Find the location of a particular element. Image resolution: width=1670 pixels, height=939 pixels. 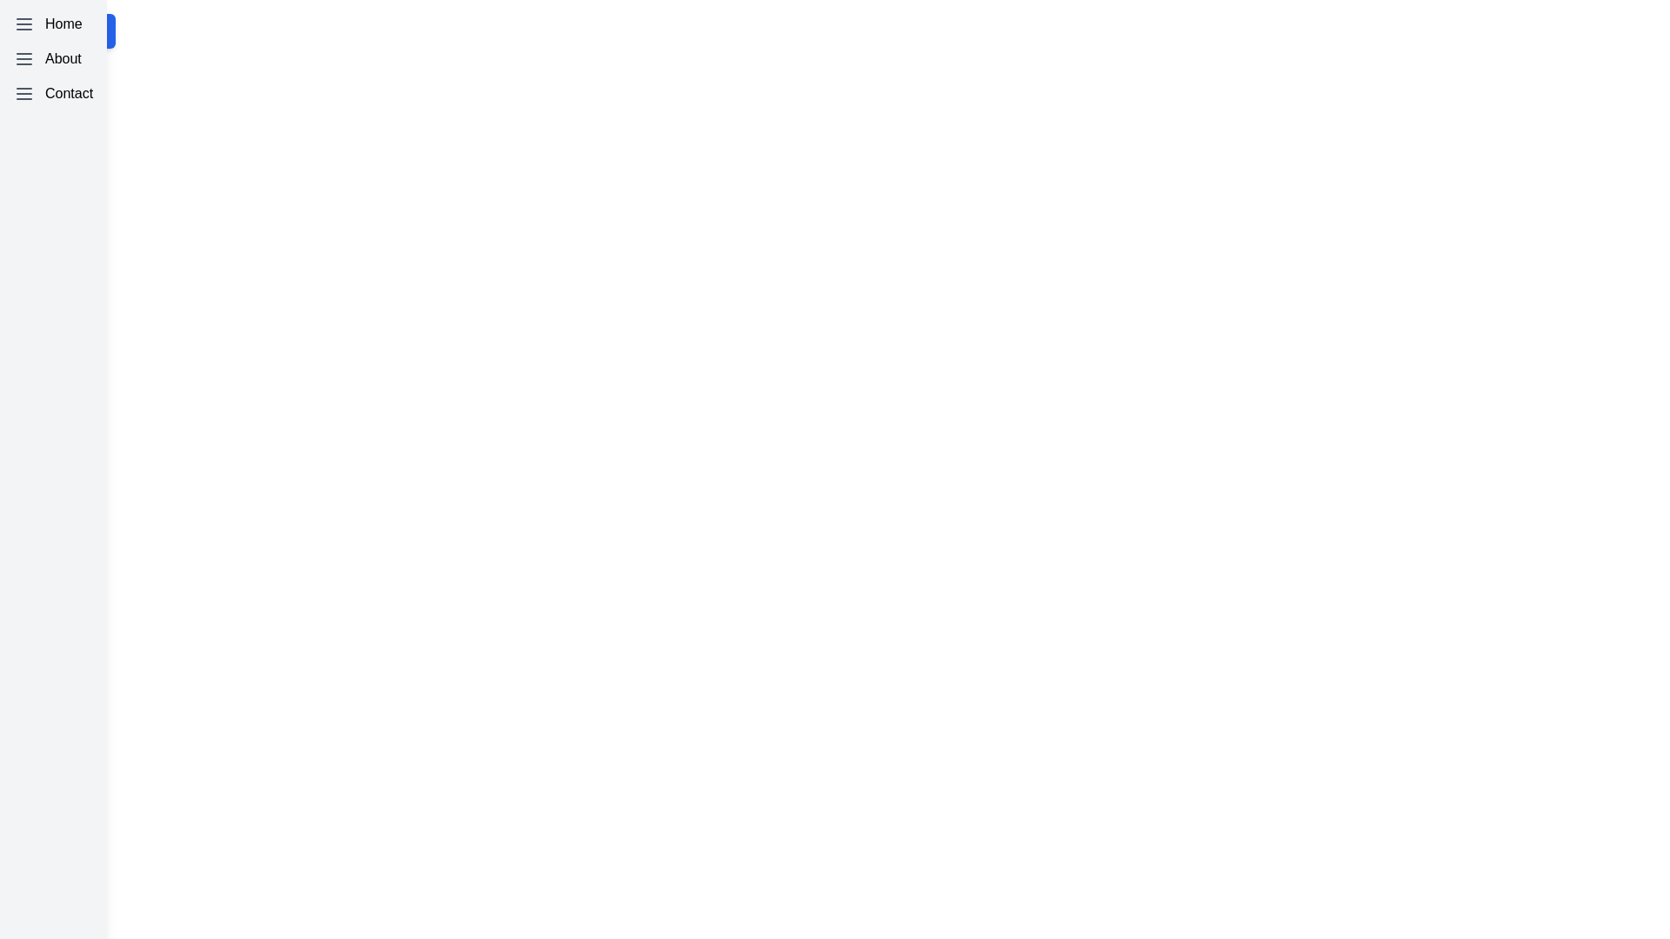

the Home menu item to navigate is located at coordinates (53, 23).